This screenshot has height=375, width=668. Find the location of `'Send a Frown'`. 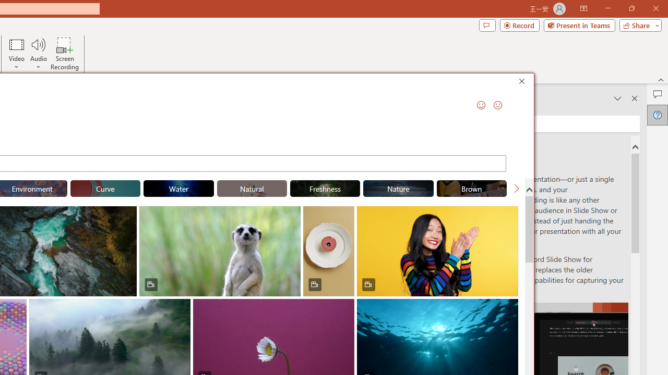

'Send a Frown' is located at coordinates (497, 105).